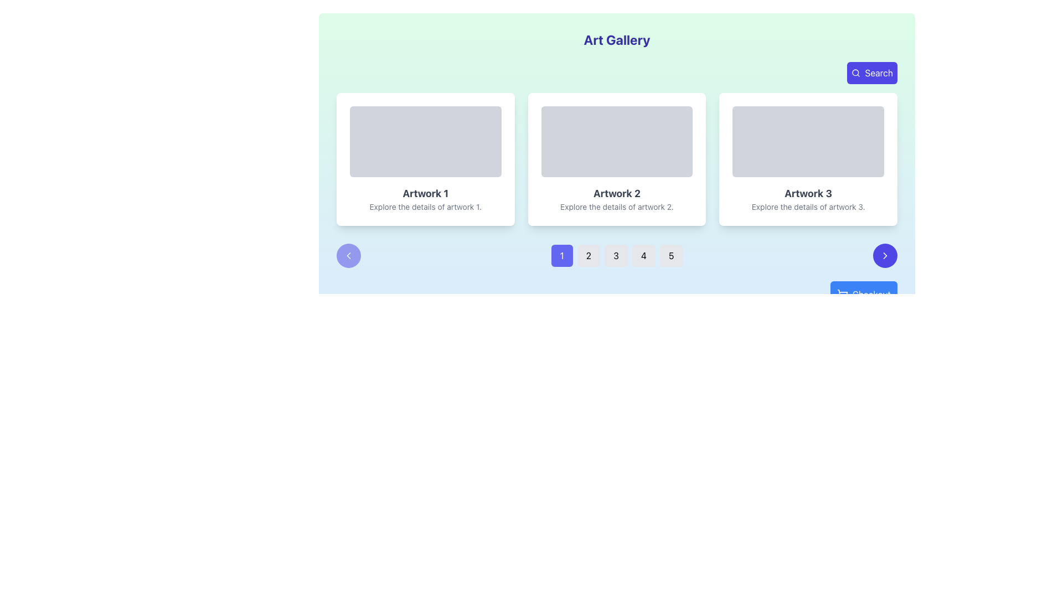 The height and width of the screenshot is (598, 1063). What do you see at coordinates (808, 159) in the screenshot?
I see `the 'Artwork 3' card located at the top-right corner of the grouping` at bounding box center [808, 159].